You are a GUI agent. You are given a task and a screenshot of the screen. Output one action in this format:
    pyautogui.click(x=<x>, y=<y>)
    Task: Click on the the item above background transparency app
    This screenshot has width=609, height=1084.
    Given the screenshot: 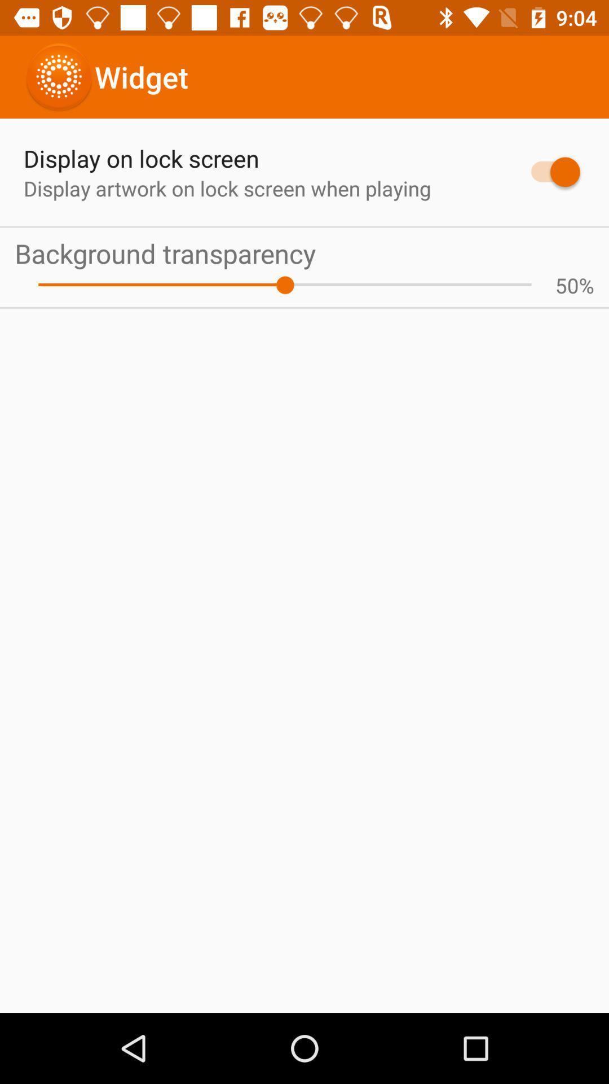 What is the action you would take?
    pyautogui.click(x=549, y=171)
    